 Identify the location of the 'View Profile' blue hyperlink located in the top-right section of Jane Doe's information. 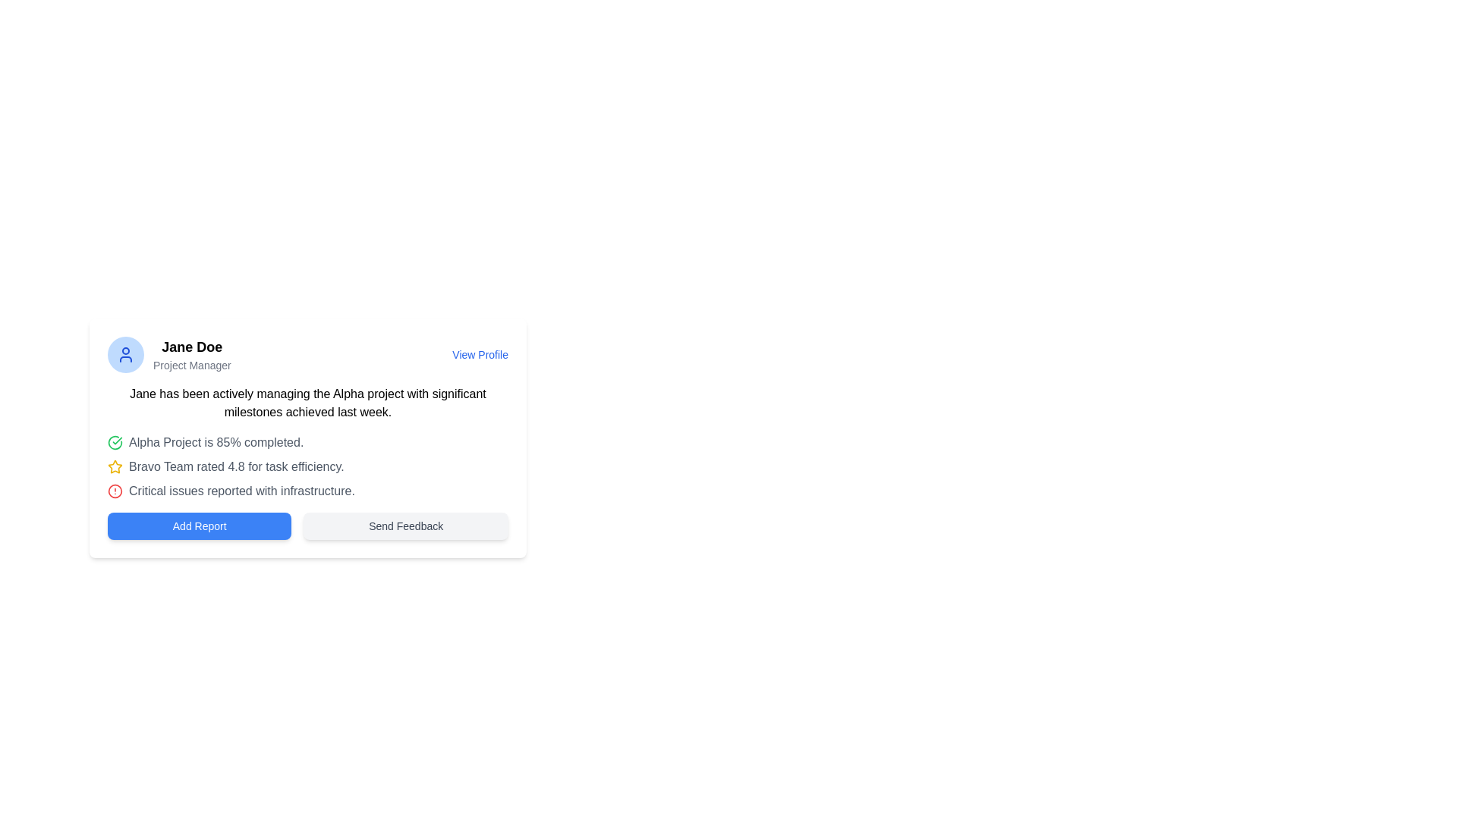
(480, 354).